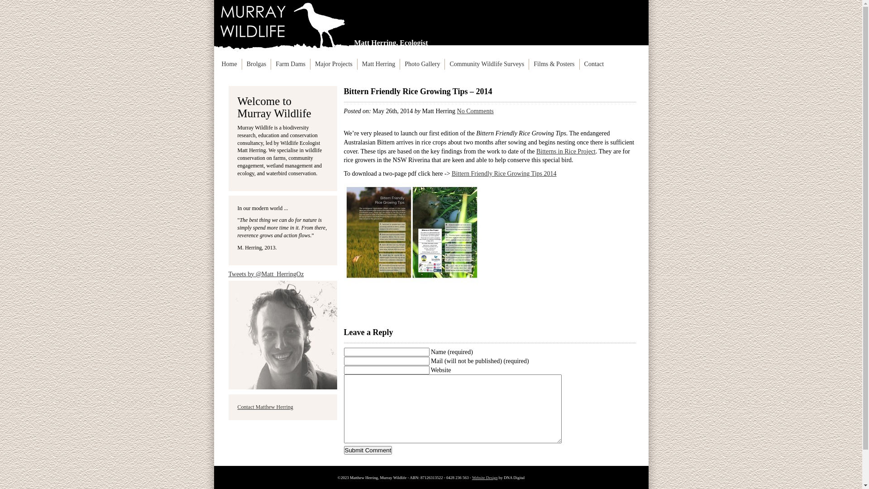 The width and height of the screenshot is (869, 489). Describe the element at coordinates (378, 64) in the screenshot. I see `'Matt Herring'` at that location.